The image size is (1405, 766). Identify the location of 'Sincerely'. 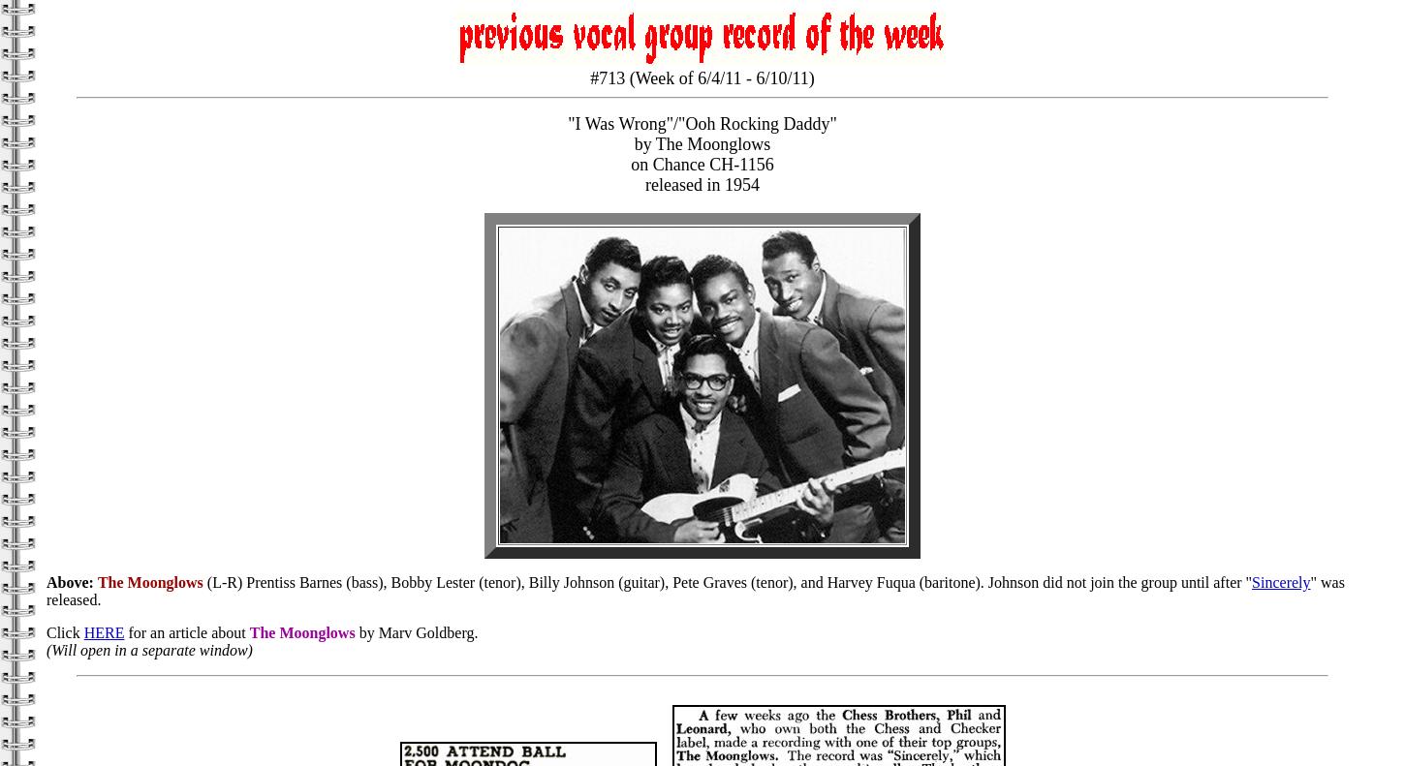
(1251, 581).